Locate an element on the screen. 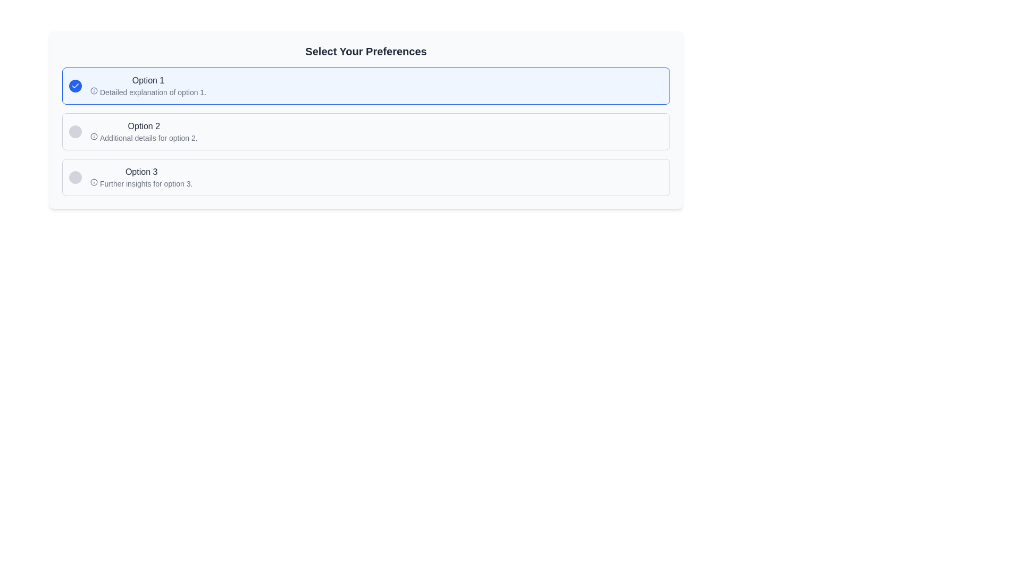 The image size is (1021, 574). the SVG circle element that is part of the informational icon located to the left of the text 'Option 1' is located at coordinates (94, 182).